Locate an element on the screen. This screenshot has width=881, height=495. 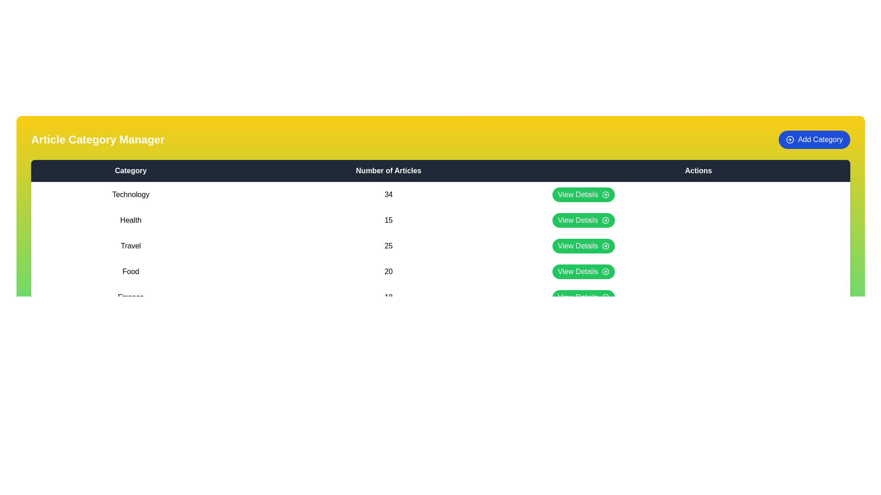
the 'View Details' button for the category 'Travel' is located at coordinates (583, 245).